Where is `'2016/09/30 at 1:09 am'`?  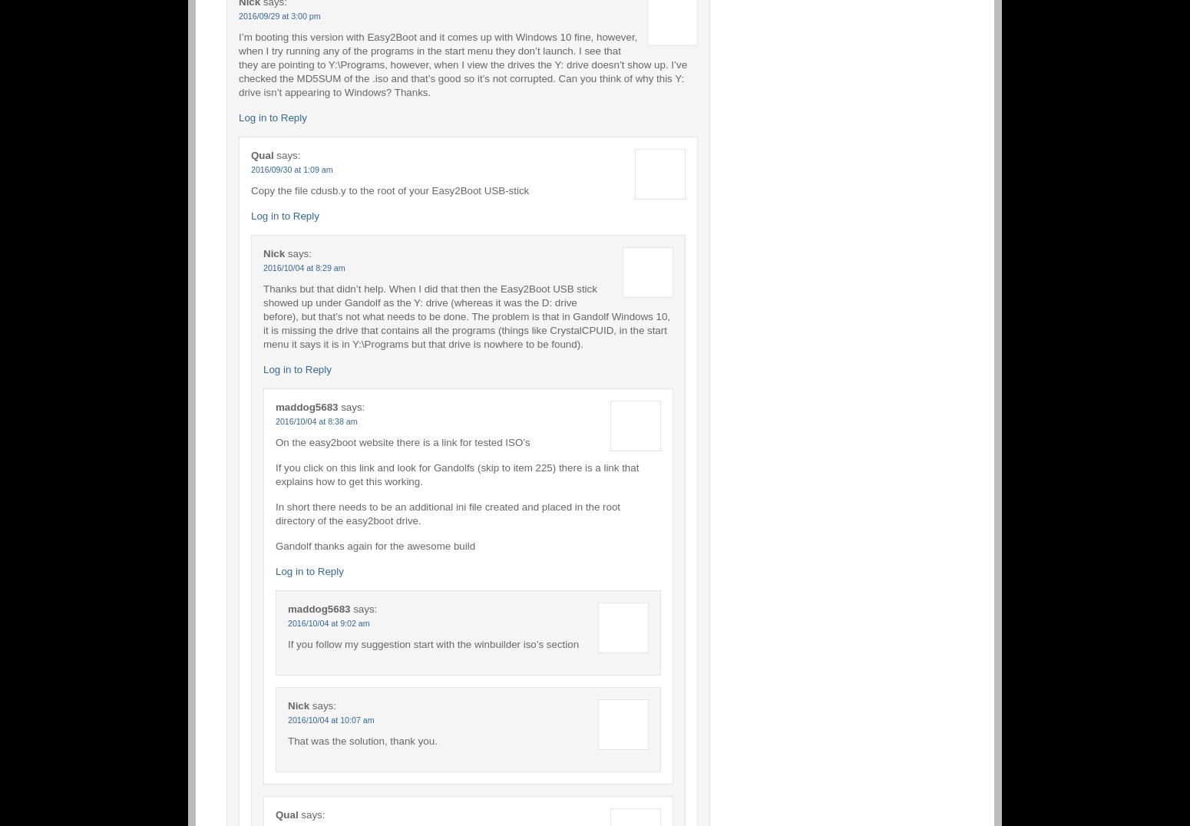
'2016/09/30 at 1:09 am' is located at coordinates (291, 168).